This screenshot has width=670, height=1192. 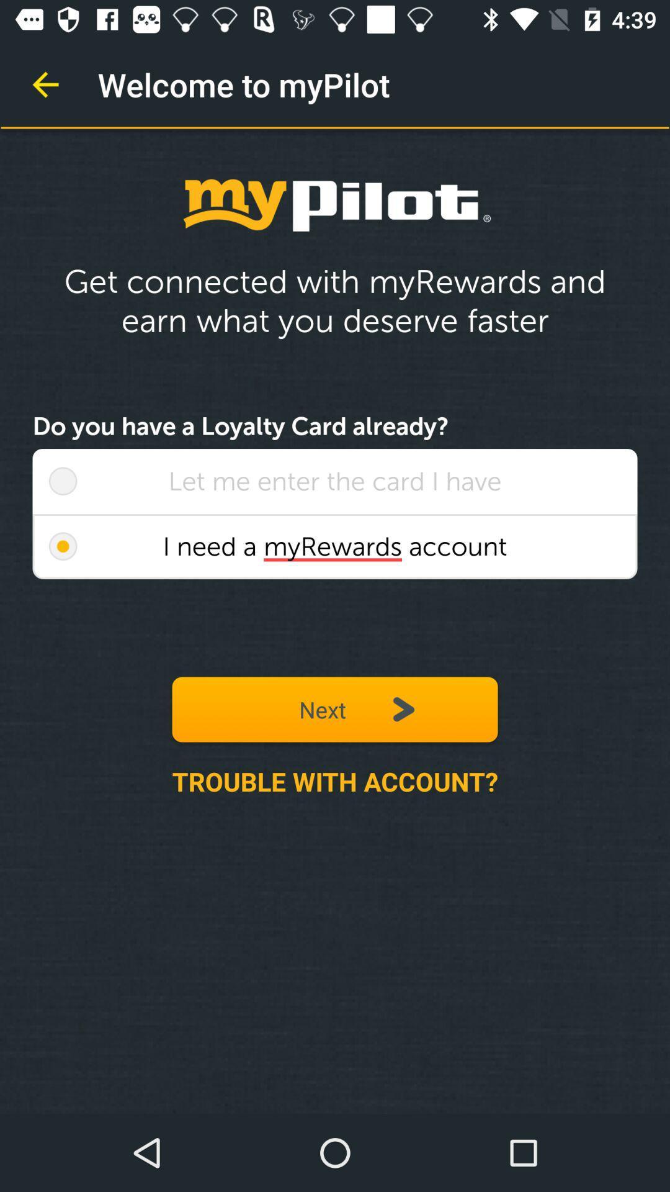 What do you see at coordinates (335, 780) in the screenshot?
I see `the trouble with account? item` at bounding box center [335, 780].